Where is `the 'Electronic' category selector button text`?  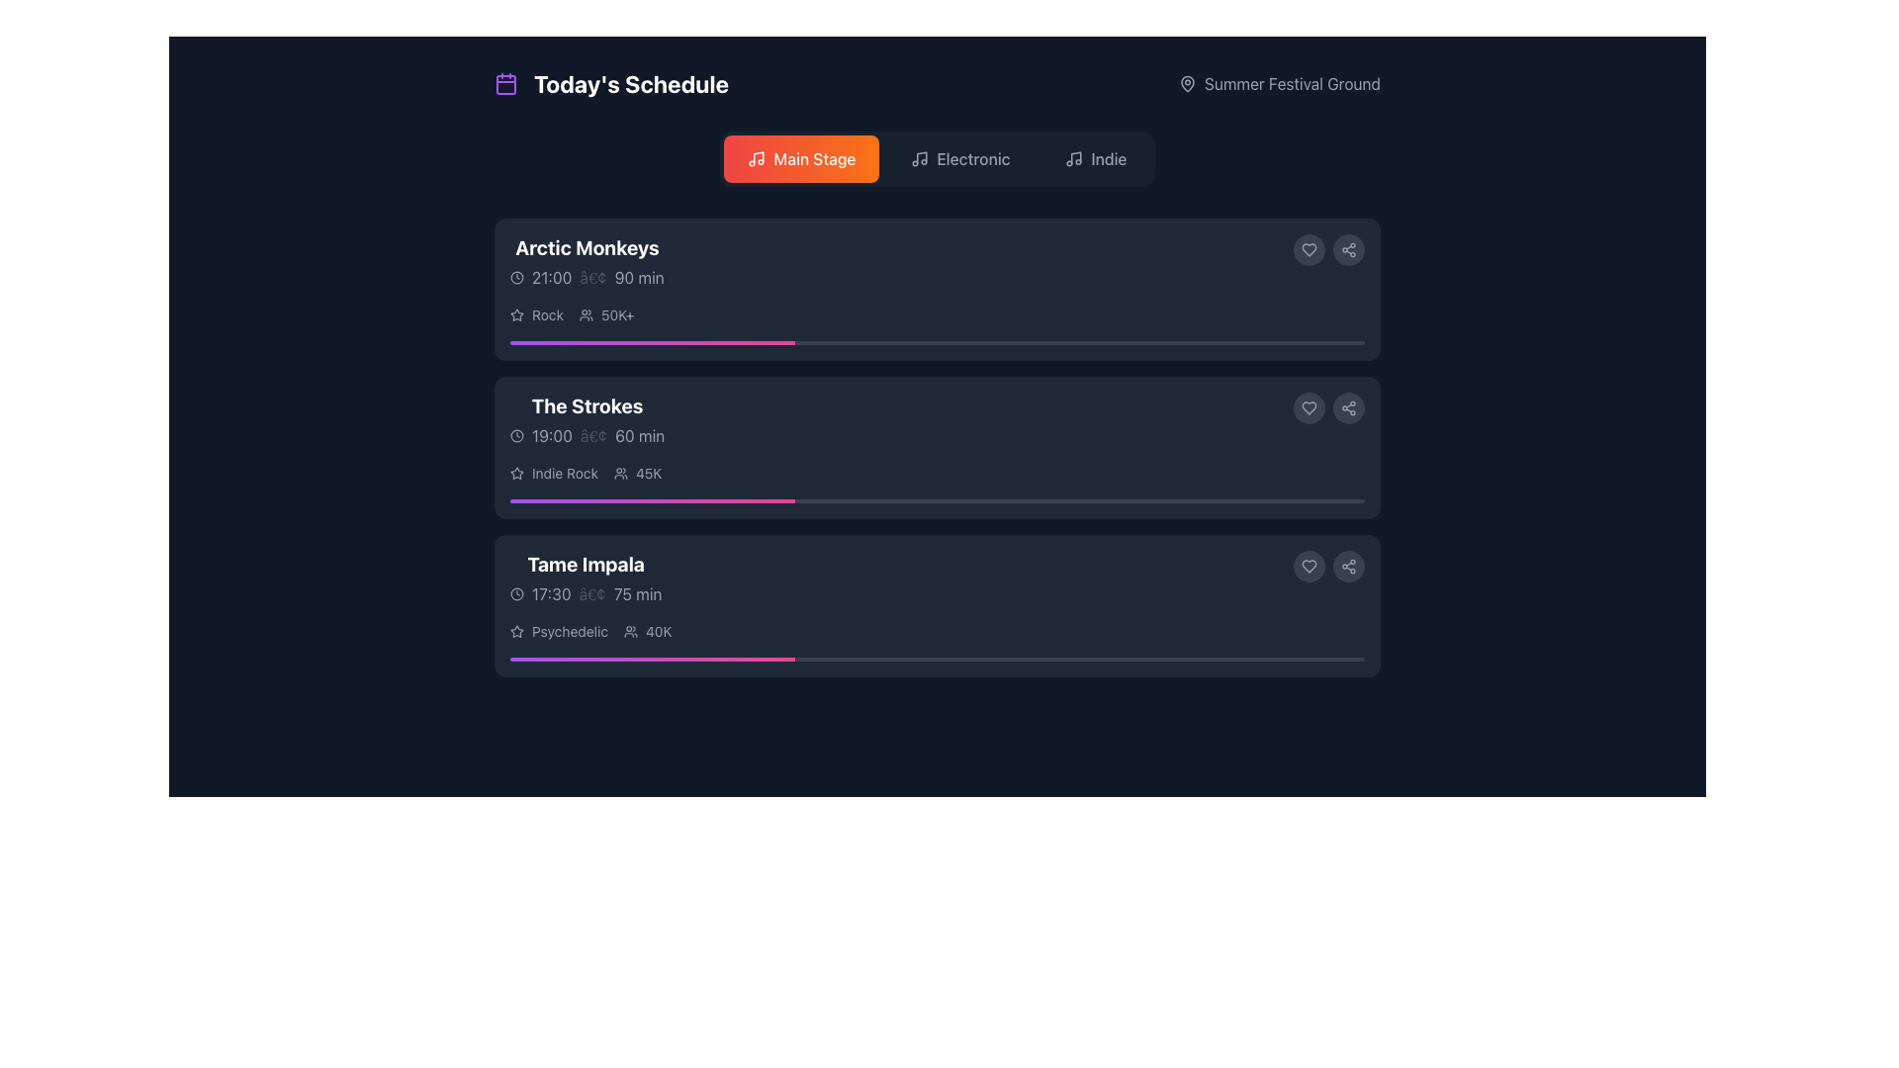
the 'Electronic' category selector button text is located at coordinates (973, 158).